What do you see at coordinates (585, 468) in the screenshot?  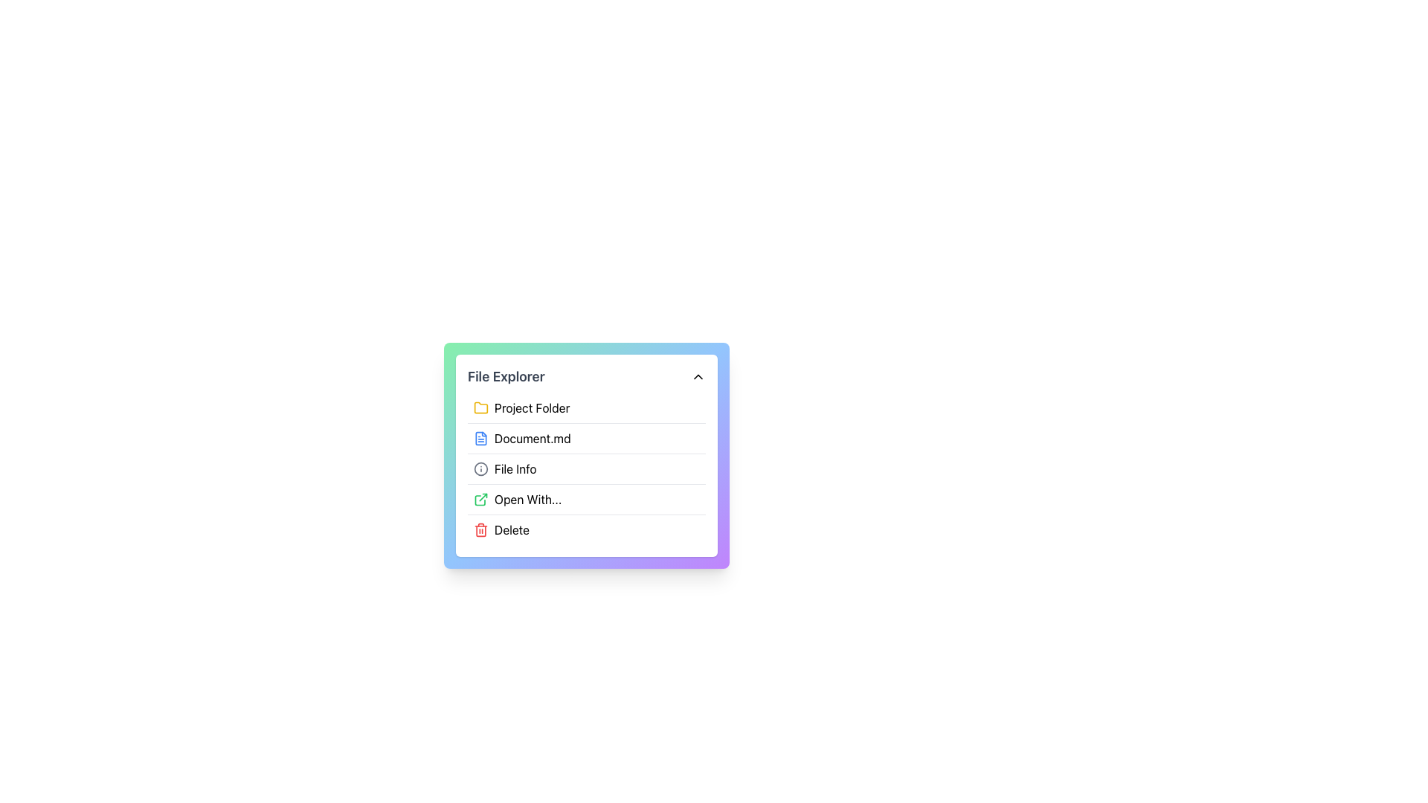 I see `the third option in the dropdown menu that provides access to detailed metadata or properties of a file, positioned below 'Document.md' and above 'Open With...'` at bounding box center [585, 468].